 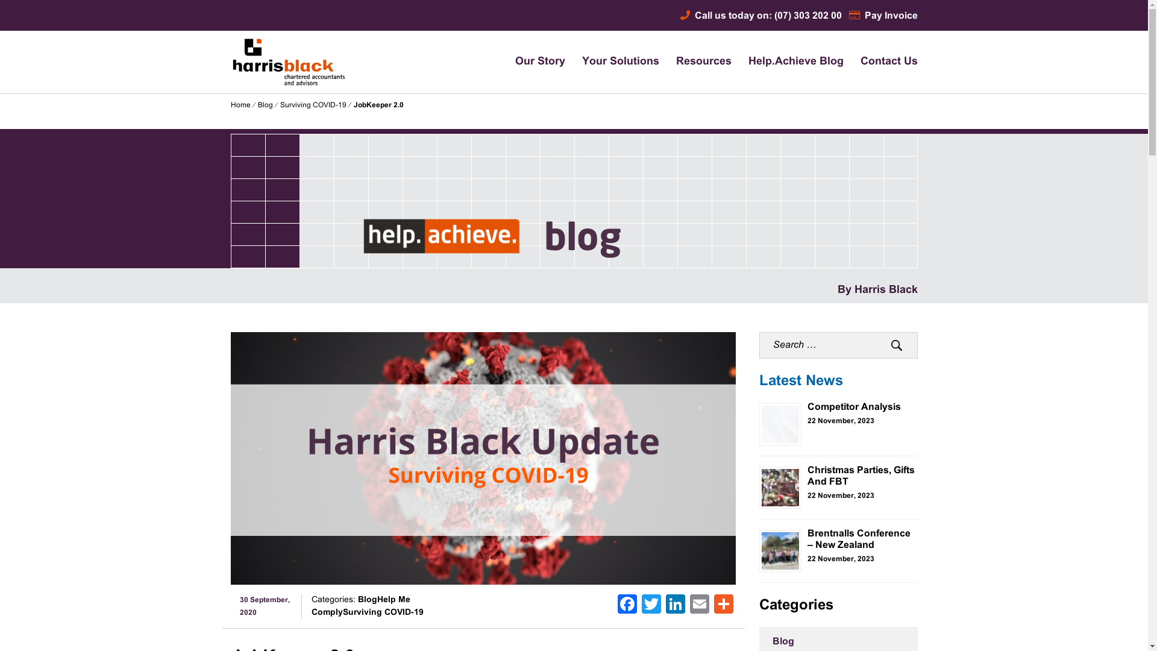 I want to click on 'Your Solutions', so click(x=621, y=62).